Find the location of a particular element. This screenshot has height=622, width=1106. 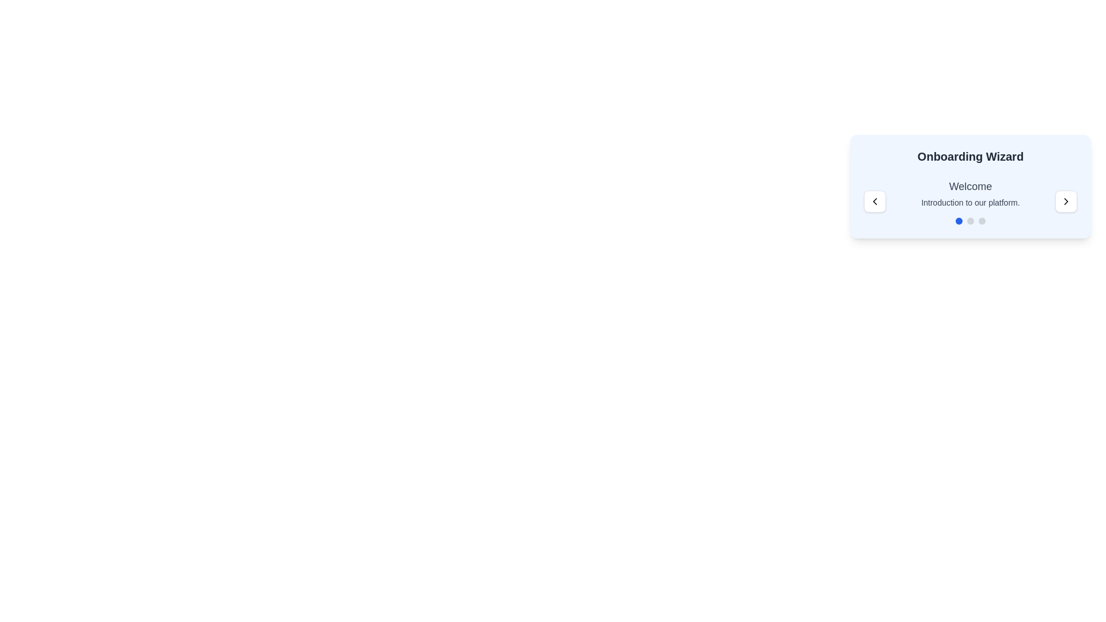

the chevron-left icon, which is a minimal black SVG graphic located within a button on the left side of the 'Onboarding Wizard' panel is located at coordinates (874, 201).